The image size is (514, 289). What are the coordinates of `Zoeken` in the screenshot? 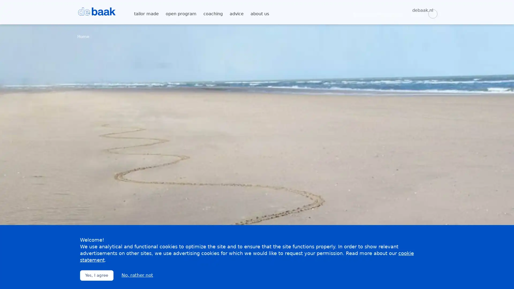 It's located at (436, 28).